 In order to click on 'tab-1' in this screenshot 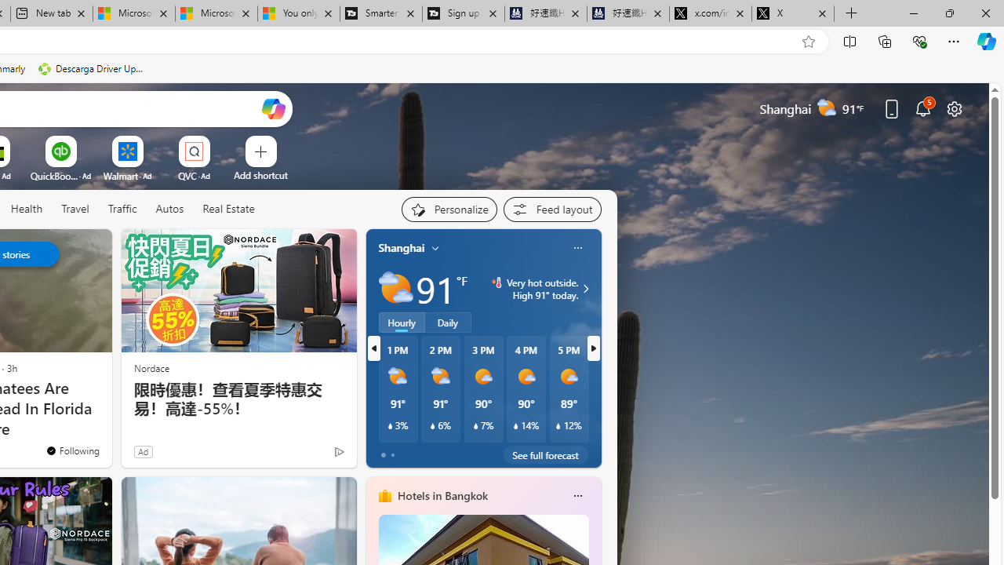, I will do `click(392, 454)`.